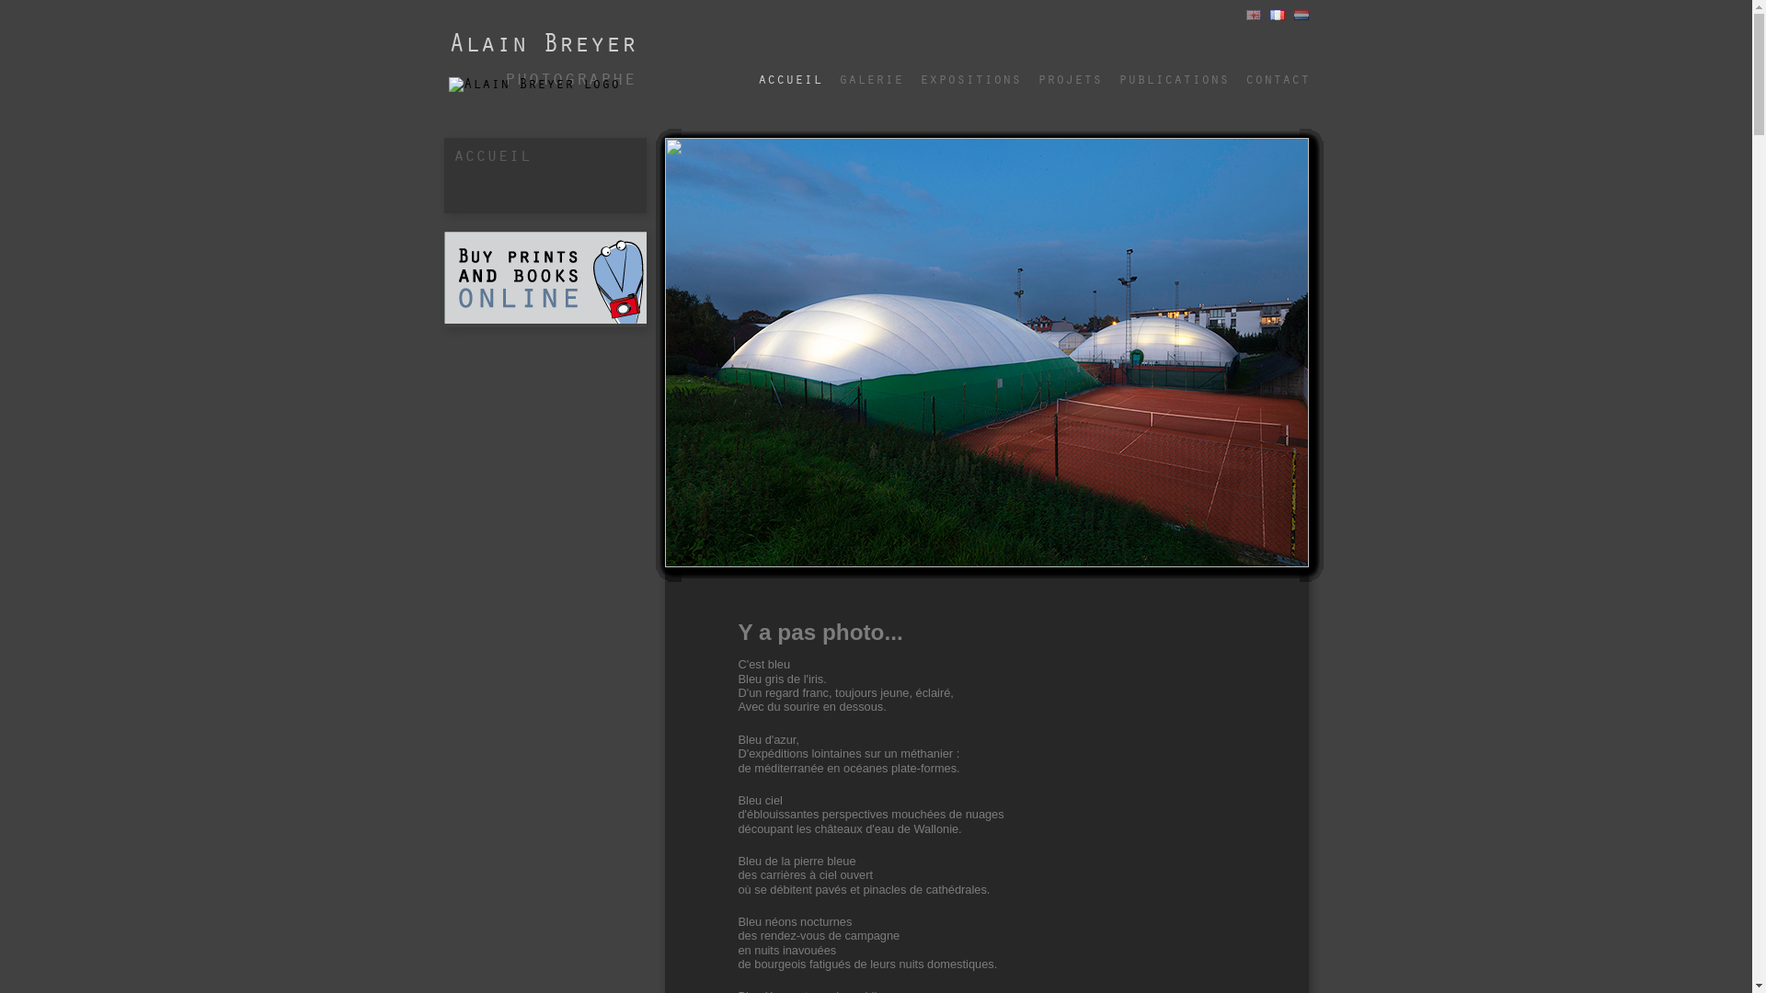  What do you see at coordinates (1276, 70) in the screenshot?
I see `'contact'` at bounding box center [1276, 70].